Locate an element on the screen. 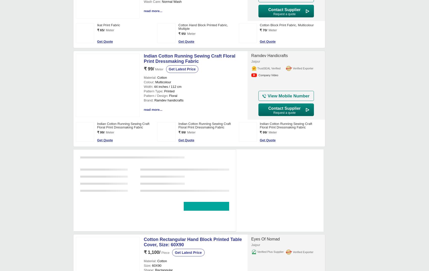 The image size is (429, 271). ':  44 inches / 112 cm' is located at coordinates (167, 241).